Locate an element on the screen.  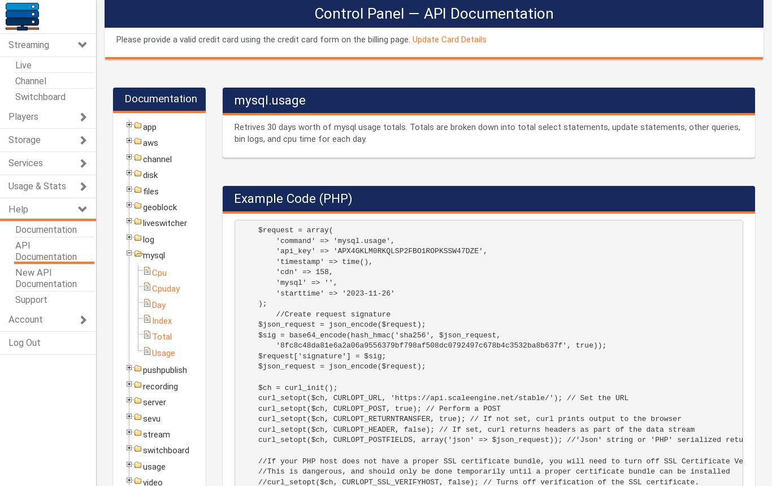
'mysql' is located at coordinates (154, 255).